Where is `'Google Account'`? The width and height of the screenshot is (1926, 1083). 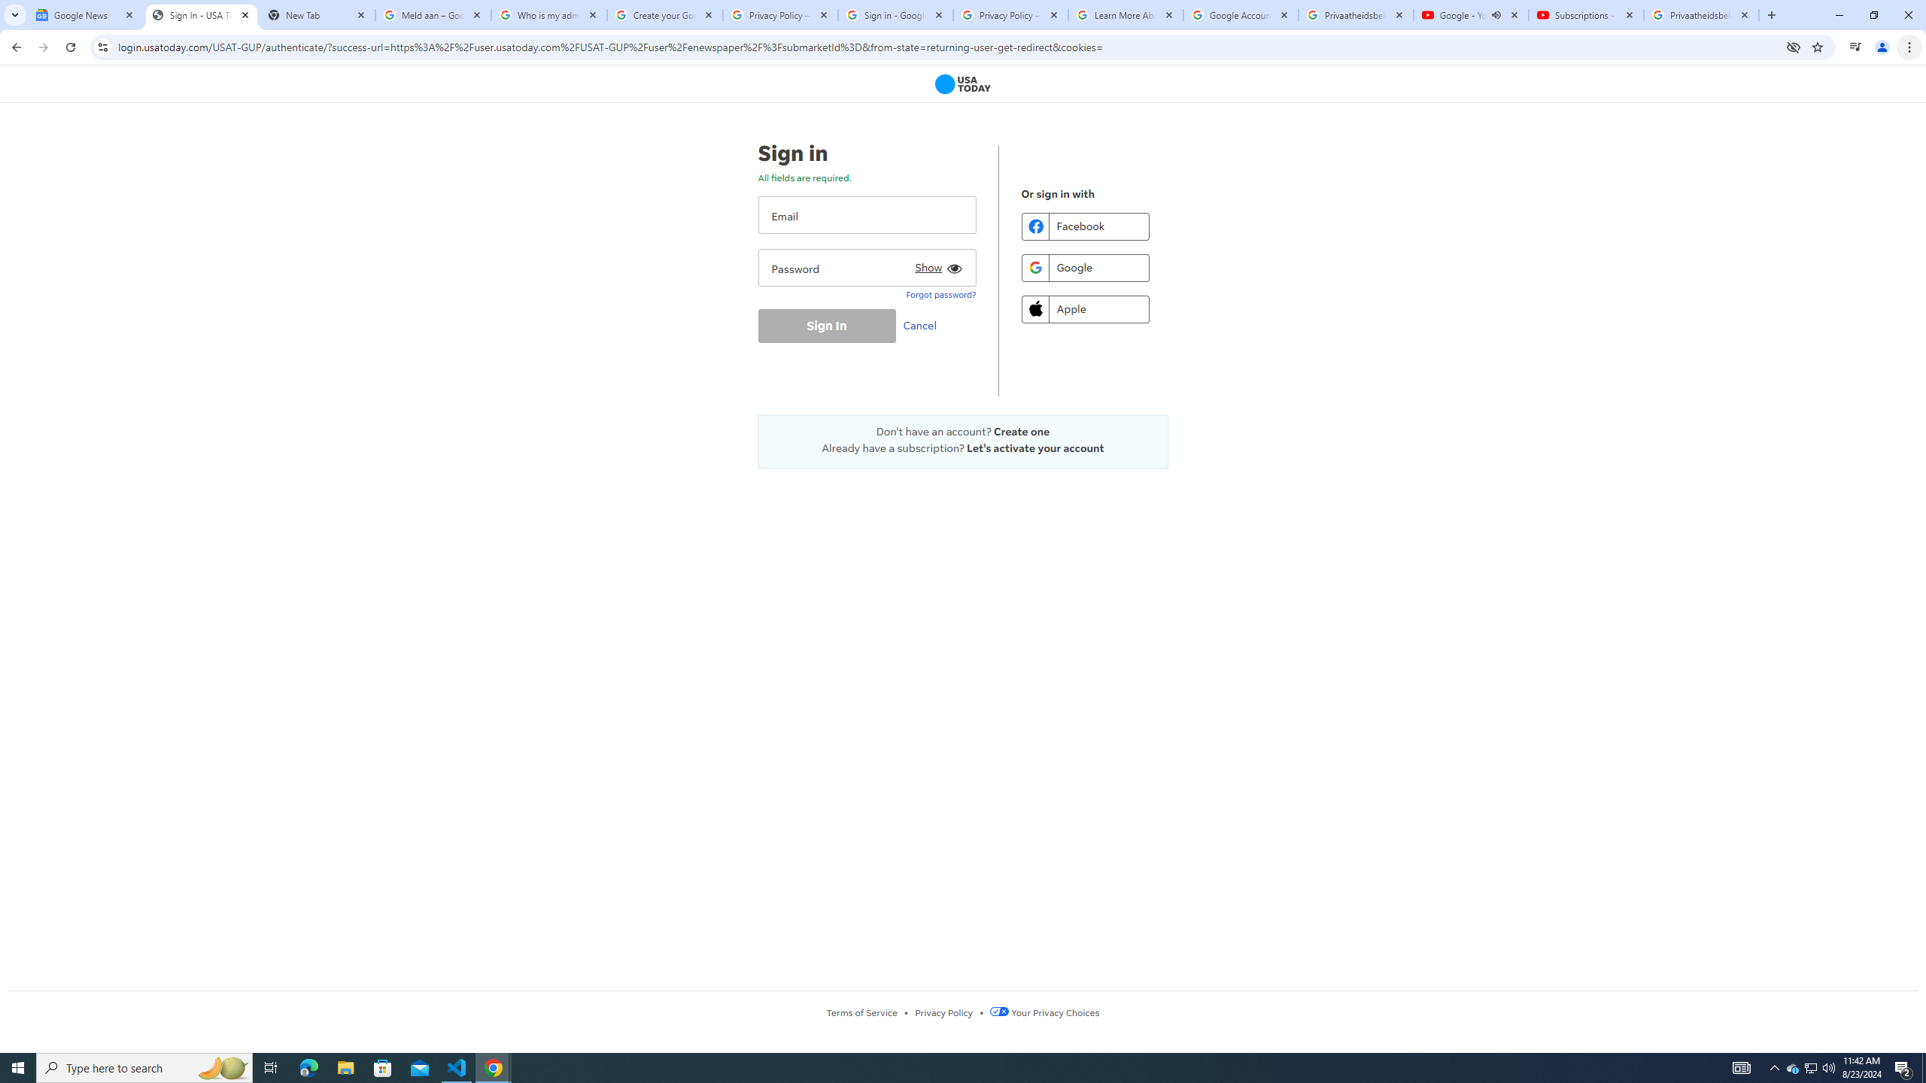 'Google Account' is located at coordinates (1240, 14).